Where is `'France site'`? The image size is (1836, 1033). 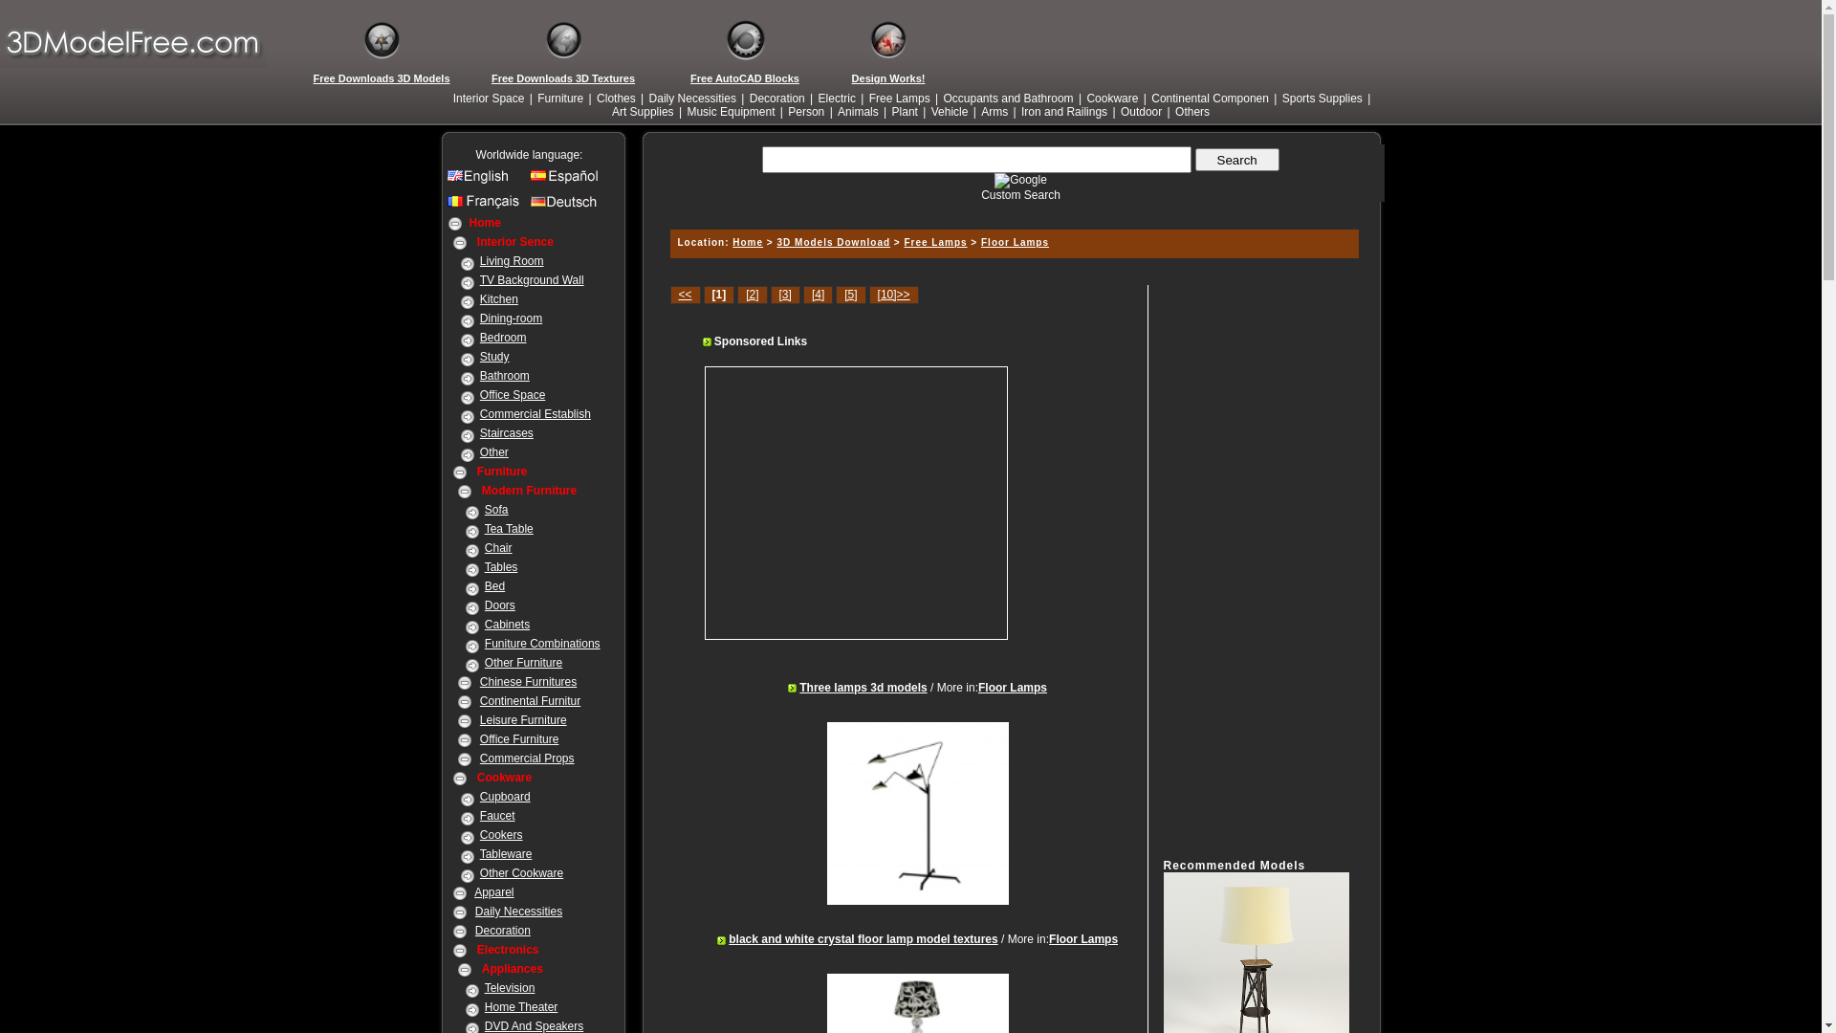 'France site' is located at coordinates (446, 207).